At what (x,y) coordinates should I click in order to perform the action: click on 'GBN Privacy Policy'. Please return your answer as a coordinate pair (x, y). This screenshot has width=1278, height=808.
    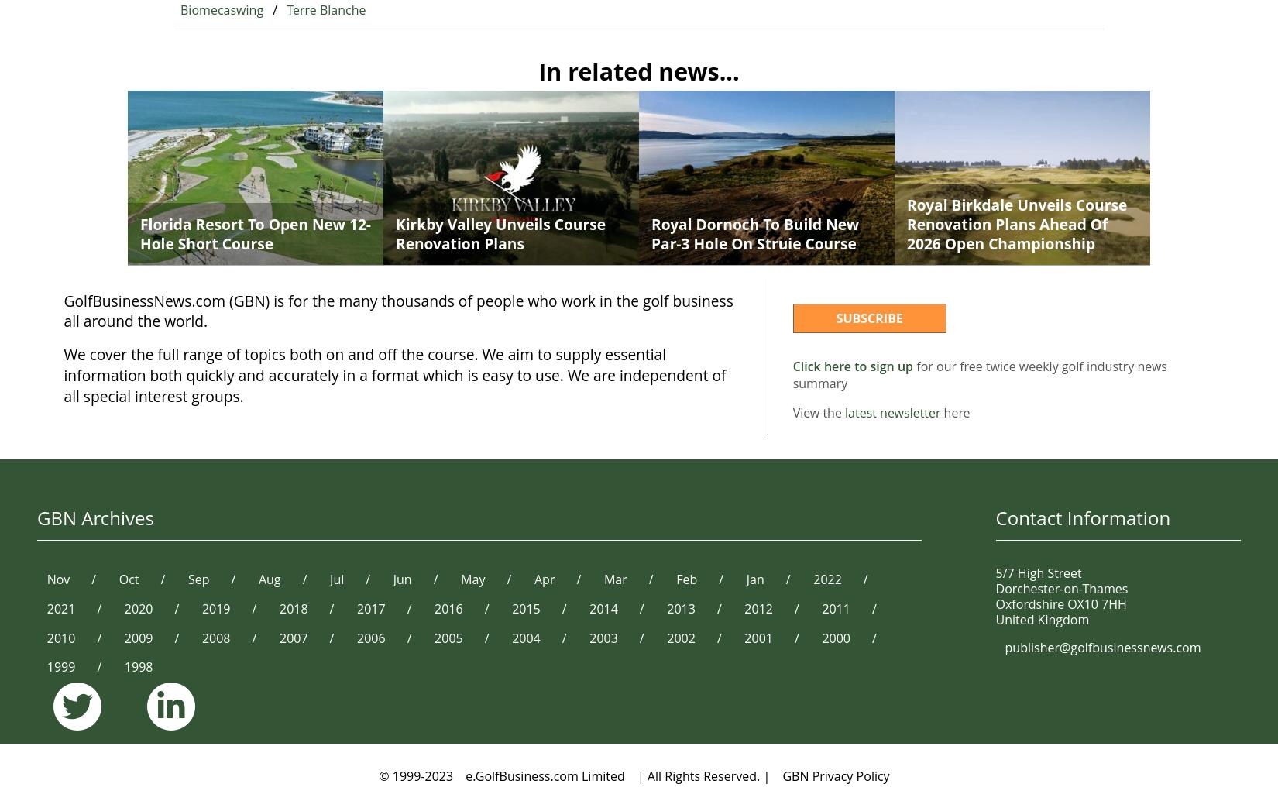
    Looking at the image, I should click on (835, 776).